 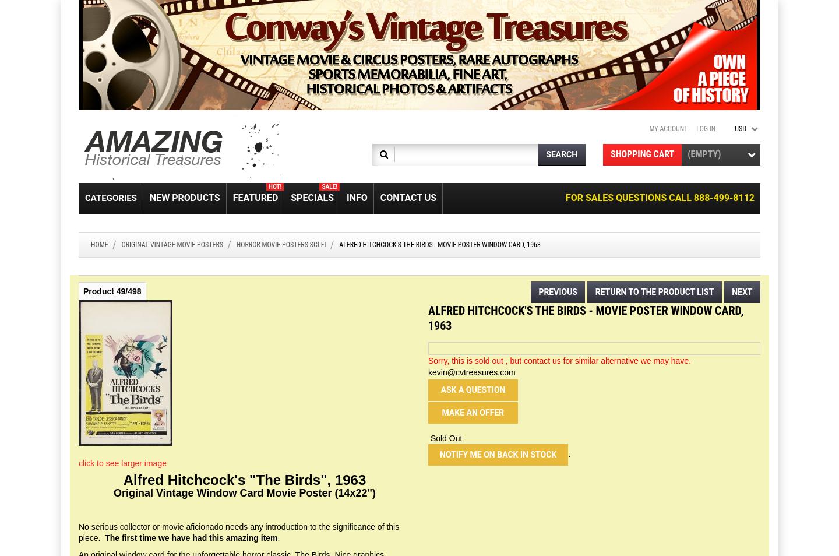 I want to click on 'Return to the Product List', so click(x=654, y=291).